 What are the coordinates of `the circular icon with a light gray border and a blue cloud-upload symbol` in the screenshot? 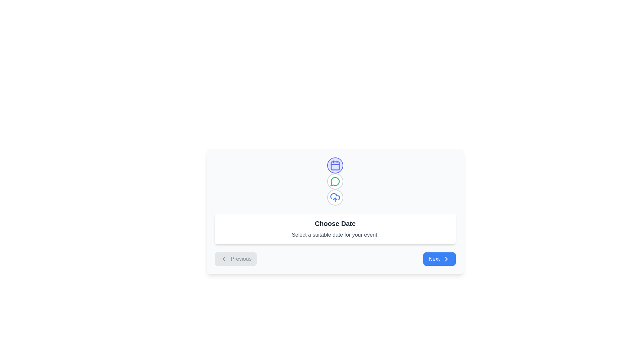 It's located at (335, 197).